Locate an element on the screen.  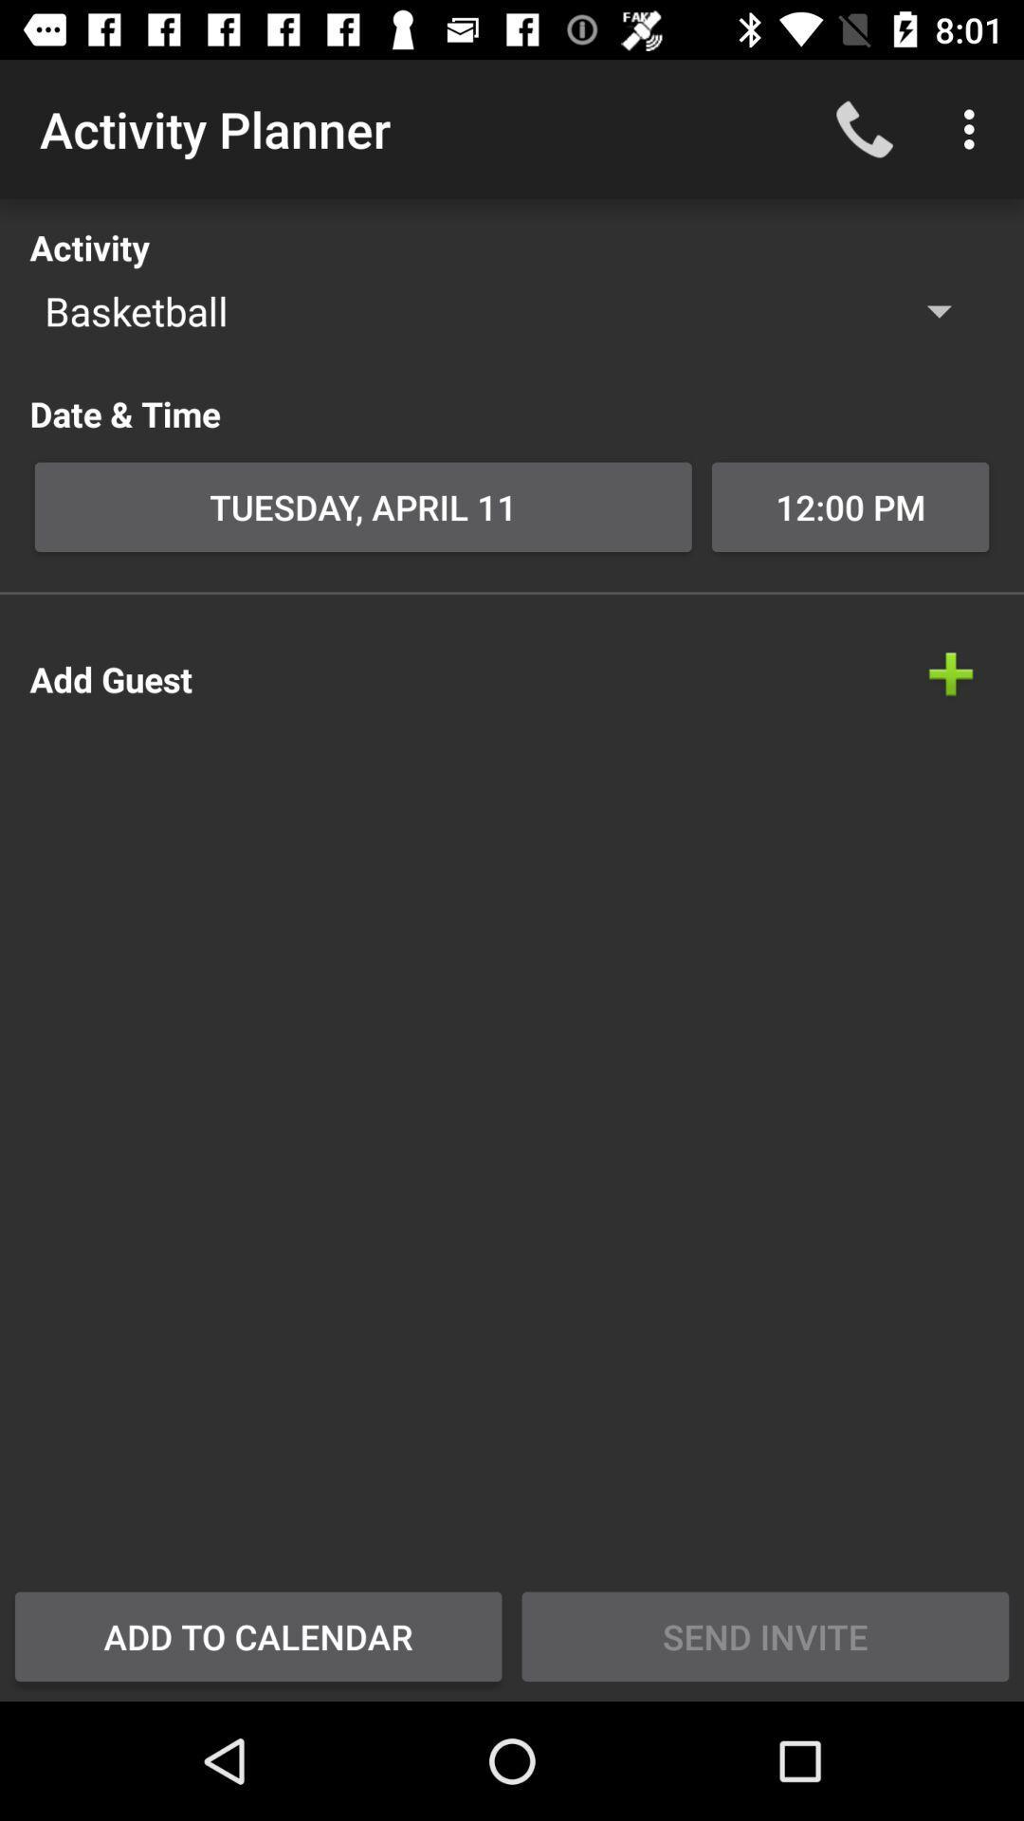
the icon above the activity item is located at coordinates (974, 128).